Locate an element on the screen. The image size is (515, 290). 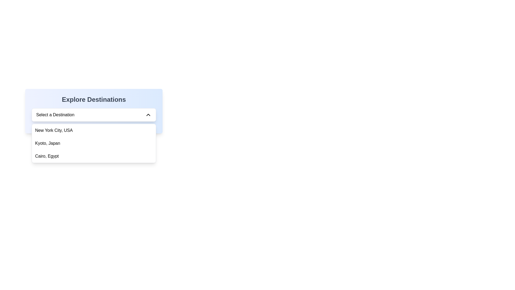
the dropdown menu item displaying 'Kyoto, Japan' is located at coordinates (94, 143).